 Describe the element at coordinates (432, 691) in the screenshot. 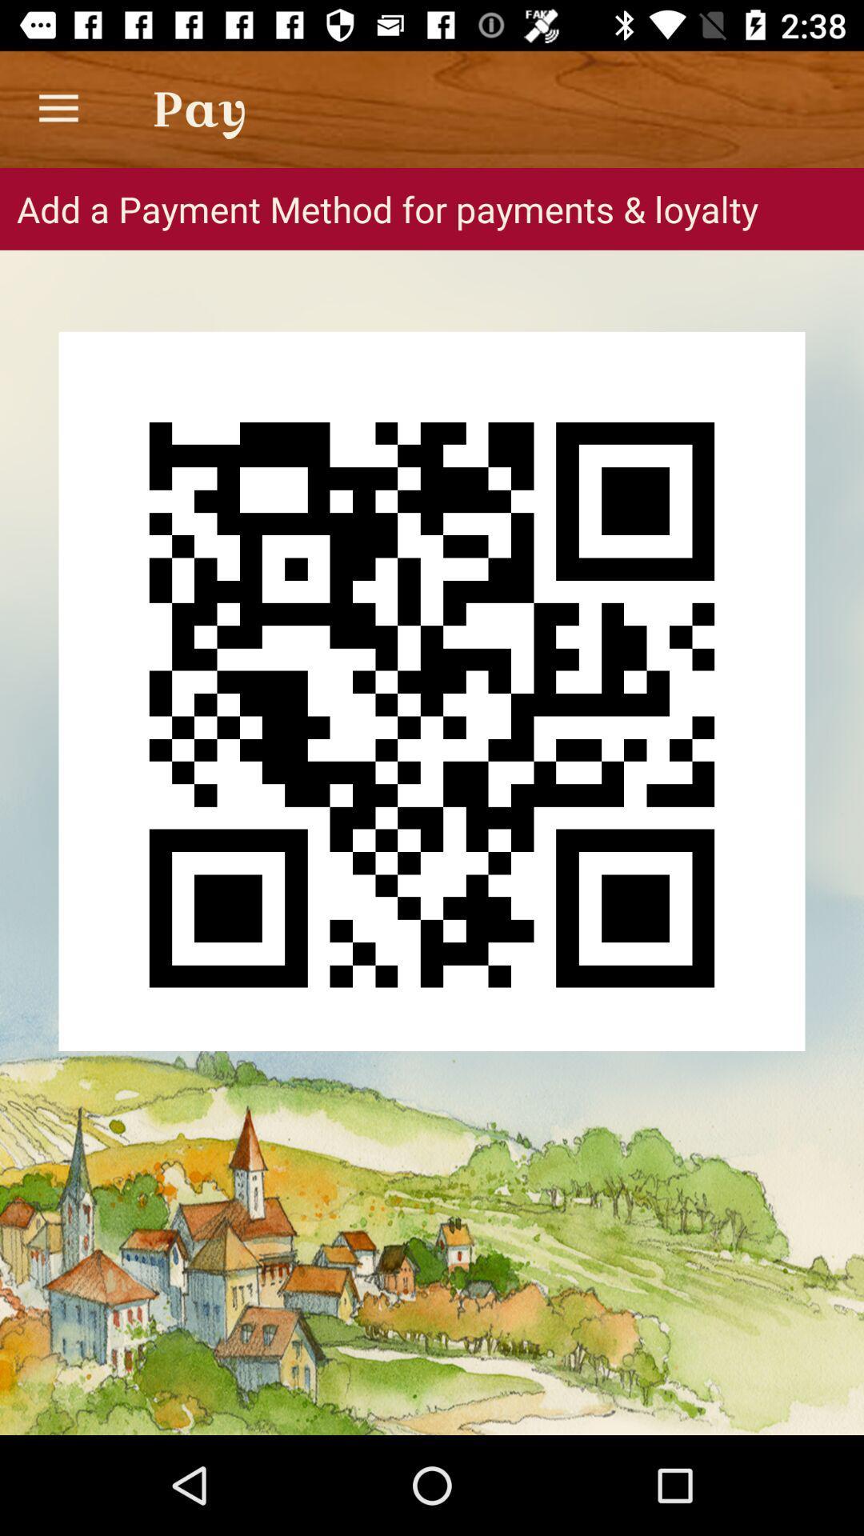

I see `the icon below add a payment` at that location.